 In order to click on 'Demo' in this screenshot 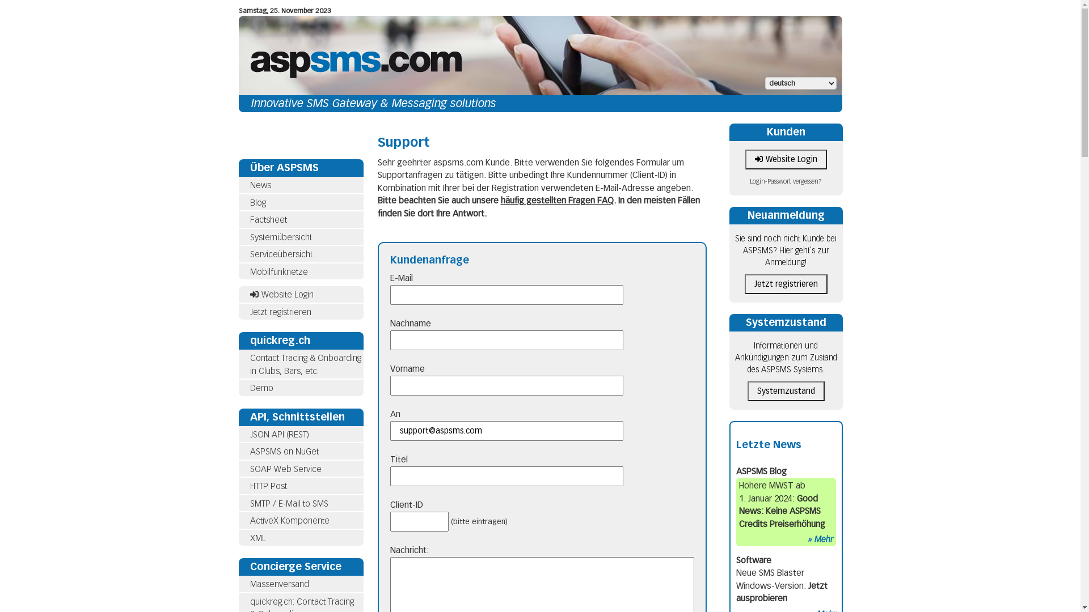, I will do `click(249, 388)`.